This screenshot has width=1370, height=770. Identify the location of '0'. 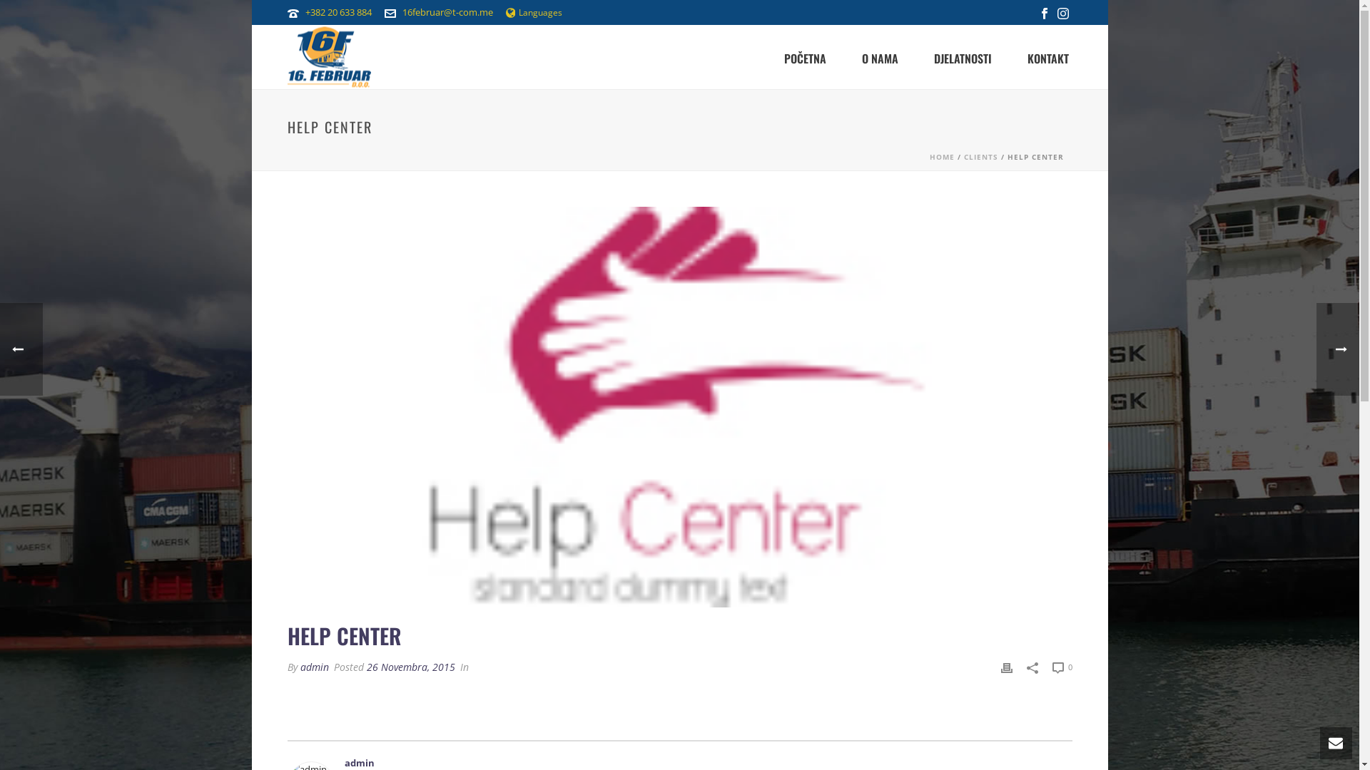
(1062, 667).